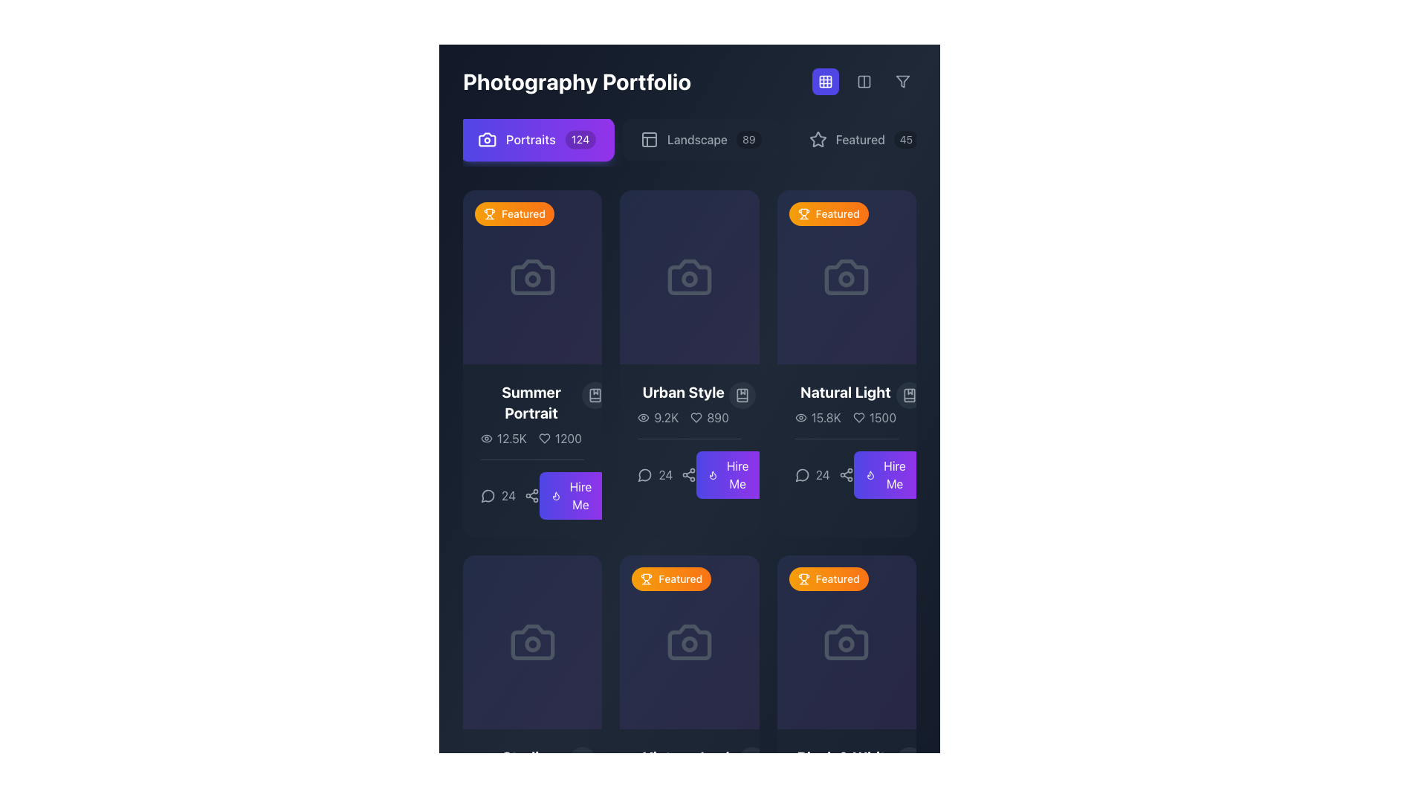 This screenshot has height=803, width=1427. Describe the element at coordinates (688, 642) in the screenshot. I see `the camera icon located in the second column of the bottom row of the grid layout, which represents a photography-related item and is beneath a badge reading 'Featured'` at that location.